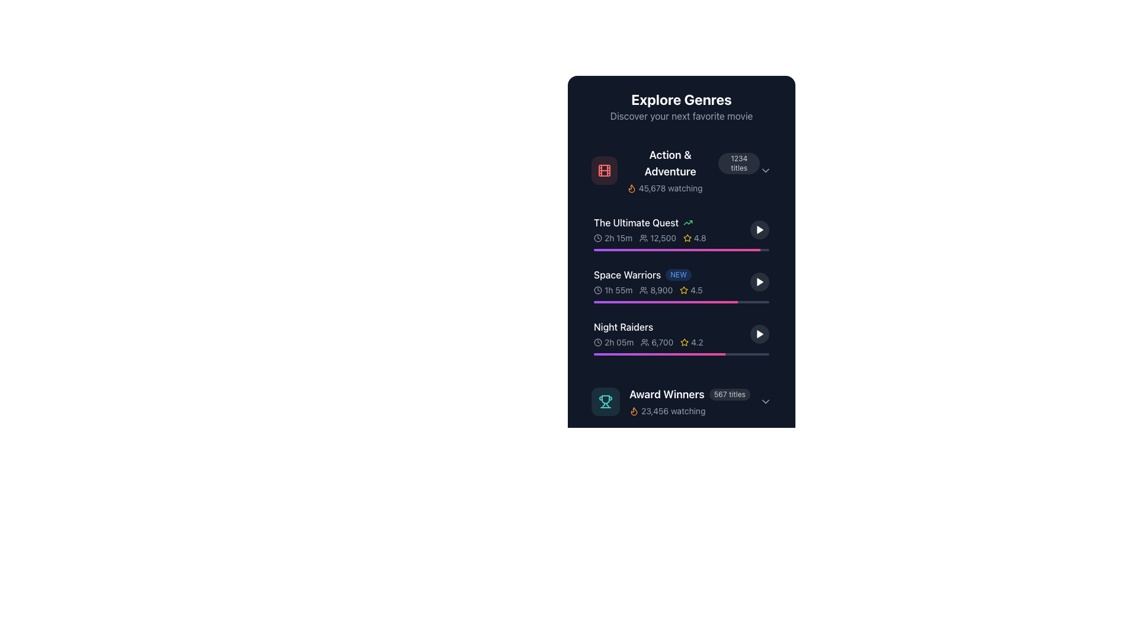 Image resolution: width=1138 pixels, height=640 pixels. What do you see at coordinates (695, 238) in the screenshot?
I see `the Rating display component located below the text '12,500' for 'The Ultimate Quest', which visually represents the rating of the content` at bounding box center [695, 238].